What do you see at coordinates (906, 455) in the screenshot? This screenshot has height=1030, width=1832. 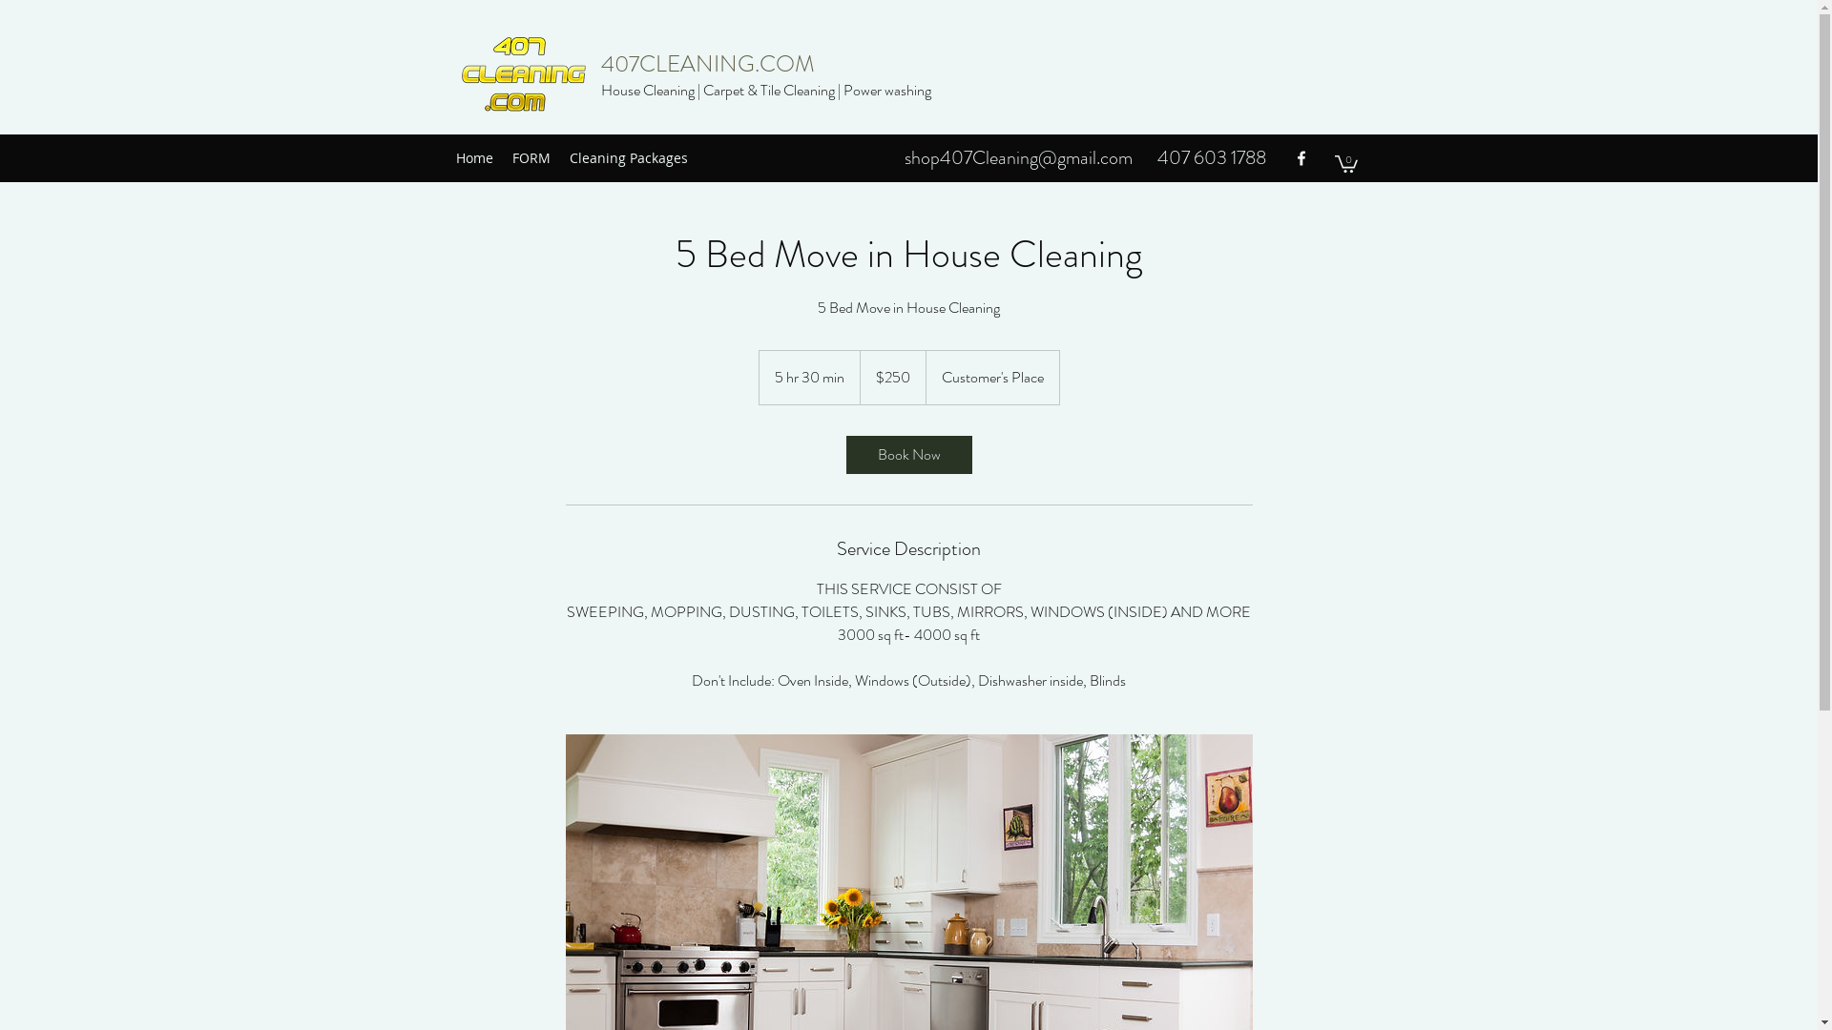 I see `'Book Now'` at bounding box center [906, 455].